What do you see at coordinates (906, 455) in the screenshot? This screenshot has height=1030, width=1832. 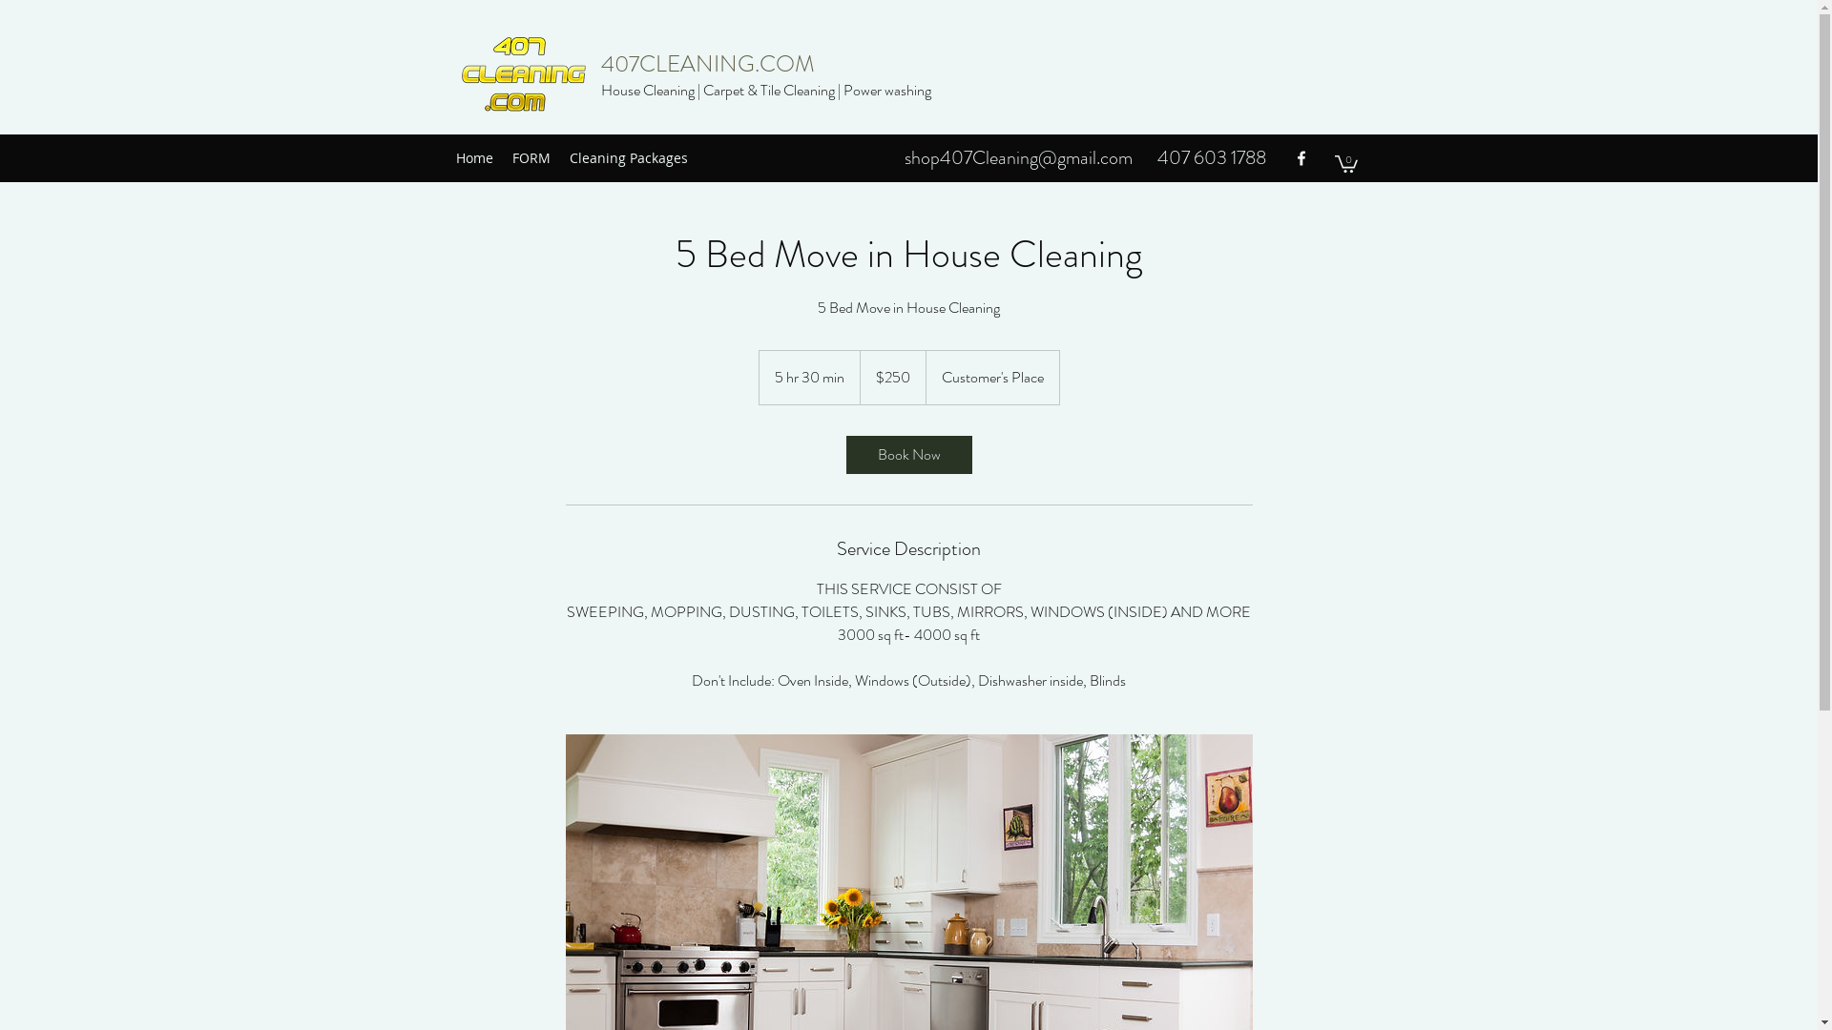 I see `'Book Now'` at bounding box center [906, 455].